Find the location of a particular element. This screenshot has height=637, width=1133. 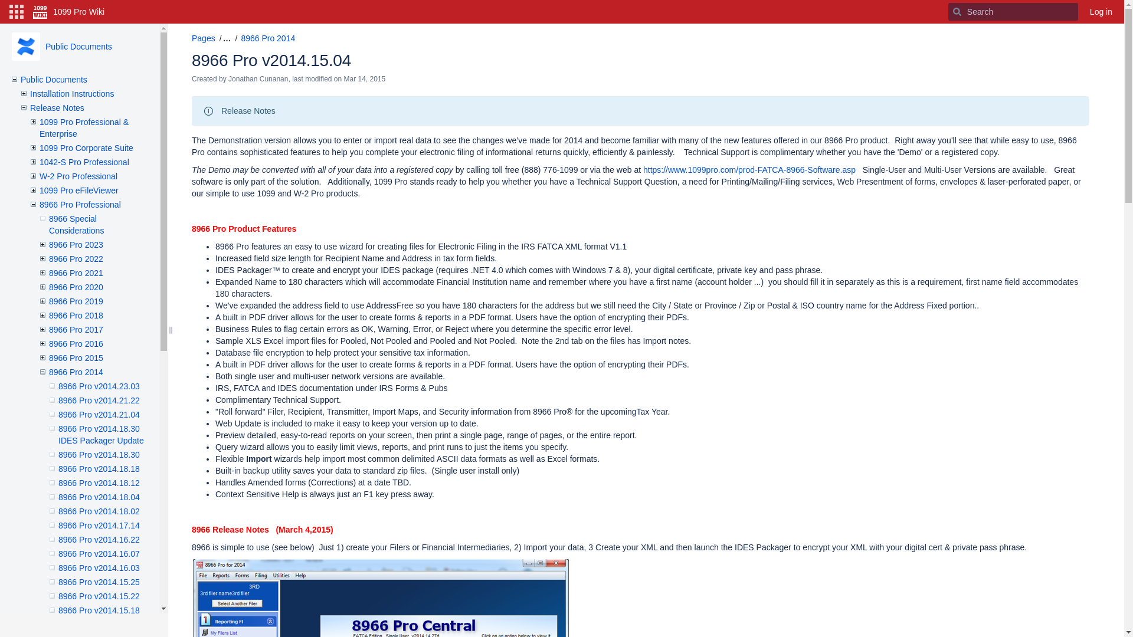

'8966 Pro v2014.21.04' is located at coordinates (99, 413).